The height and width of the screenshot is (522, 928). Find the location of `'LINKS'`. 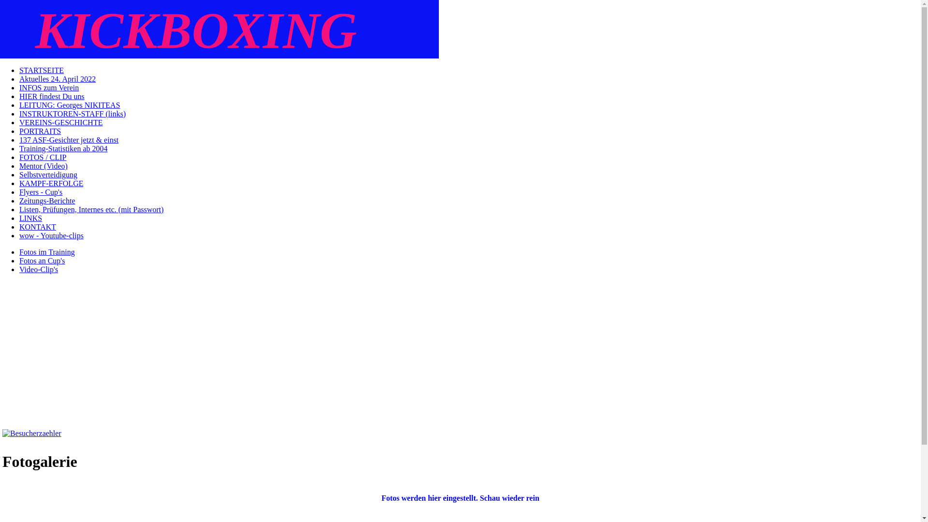

'LINKS' is located at coordinates (30, 218).